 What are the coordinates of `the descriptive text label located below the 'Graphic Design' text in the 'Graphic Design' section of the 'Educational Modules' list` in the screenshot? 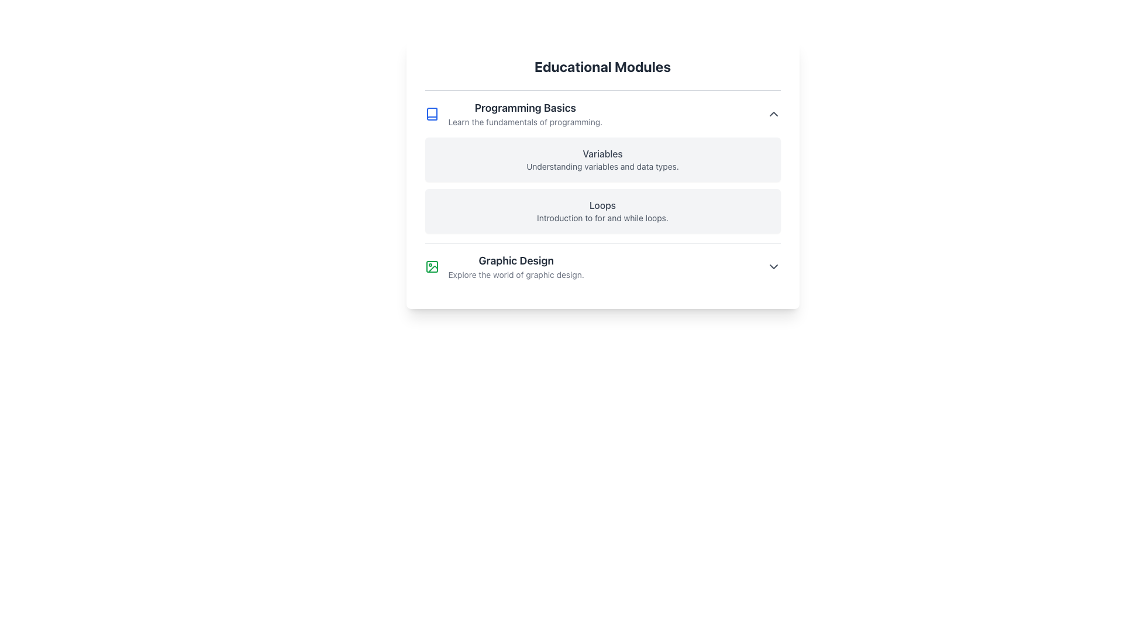 It's located at (515, 275).